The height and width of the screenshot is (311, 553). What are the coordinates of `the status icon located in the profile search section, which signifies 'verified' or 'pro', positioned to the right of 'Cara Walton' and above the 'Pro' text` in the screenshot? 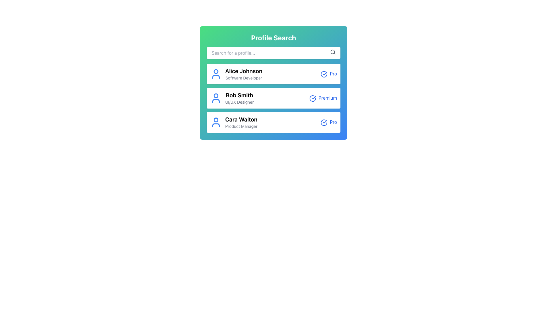 It's located at (324, 122).